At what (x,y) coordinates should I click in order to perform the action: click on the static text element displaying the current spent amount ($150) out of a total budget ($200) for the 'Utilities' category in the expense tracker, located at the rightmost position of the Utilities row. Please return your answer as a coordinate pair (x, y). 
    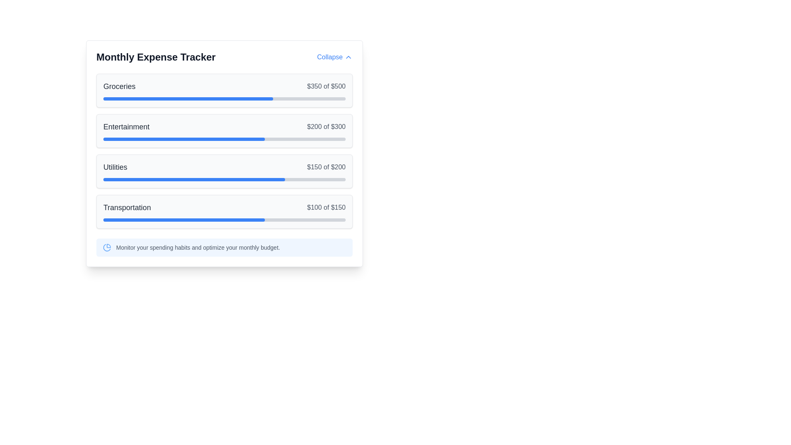
    Looking at the image, I should click on (326, 167).